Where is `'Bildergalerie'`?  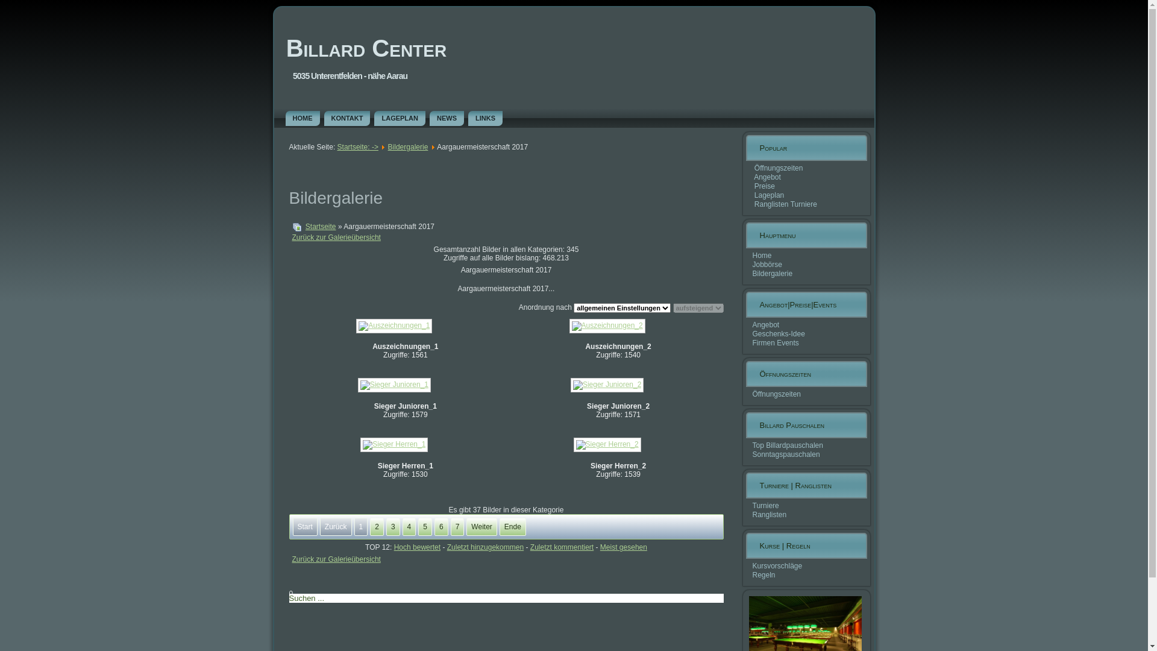
'Bildergalerie' is located at coordinates (751, 274).